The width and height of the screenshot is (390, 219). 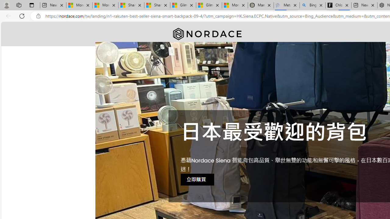 What do you see at coordinates (209, 5) in the screenshot?
I see `'Gilma and Hector both pose tropical trouble for Hawaii'` at bounding box center [209, 5].